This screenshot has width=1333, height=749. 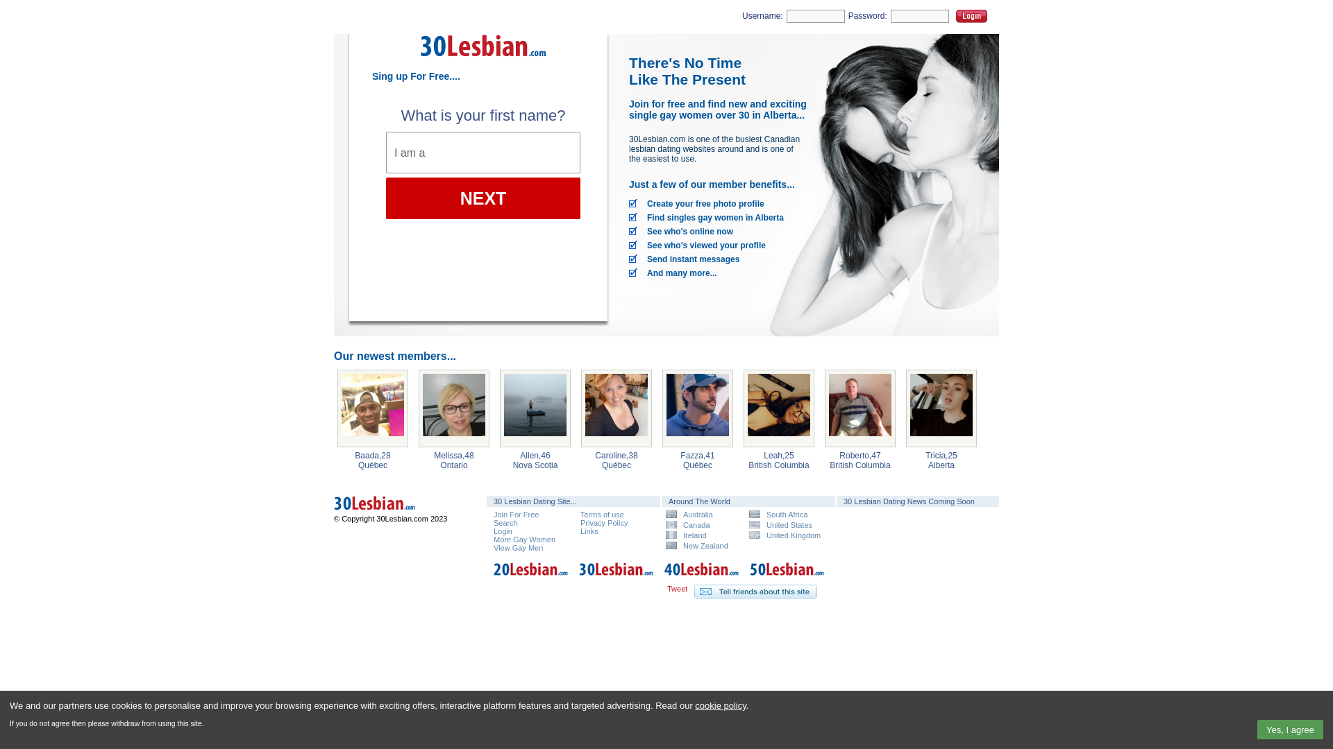 What do you see at coordinates (785, 514) in the screenshot?
I see `'South Africa'` at bounding box center [785, 514].